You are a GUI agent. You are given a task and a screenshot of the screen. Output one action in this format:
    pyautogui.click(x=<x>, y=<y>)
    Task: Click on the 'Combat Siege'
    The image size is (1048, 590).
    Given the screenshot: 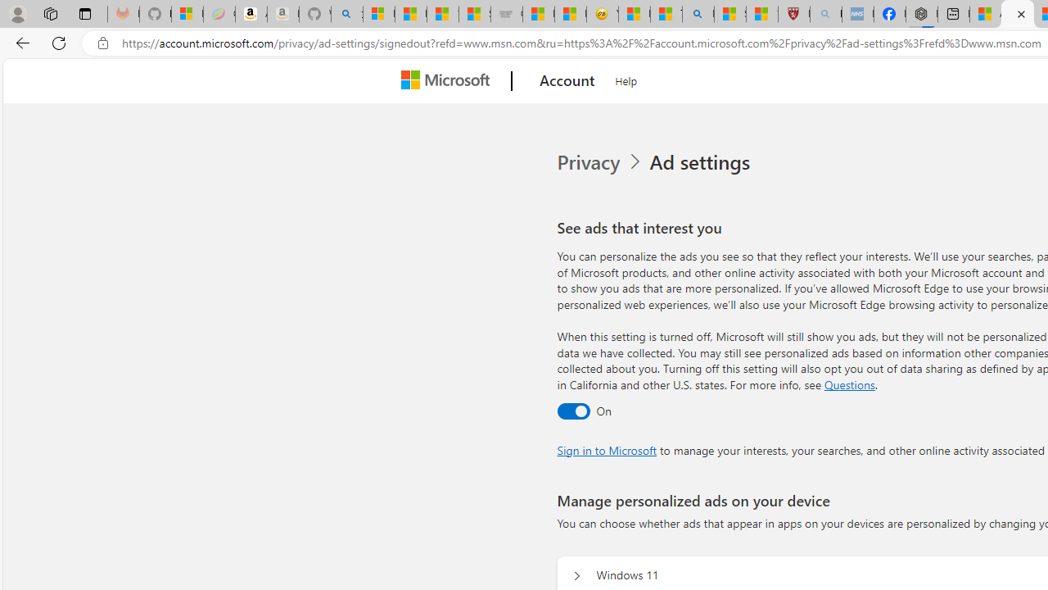 What is the action you would take?
    pyautogui.click(x=505, y=14)
    